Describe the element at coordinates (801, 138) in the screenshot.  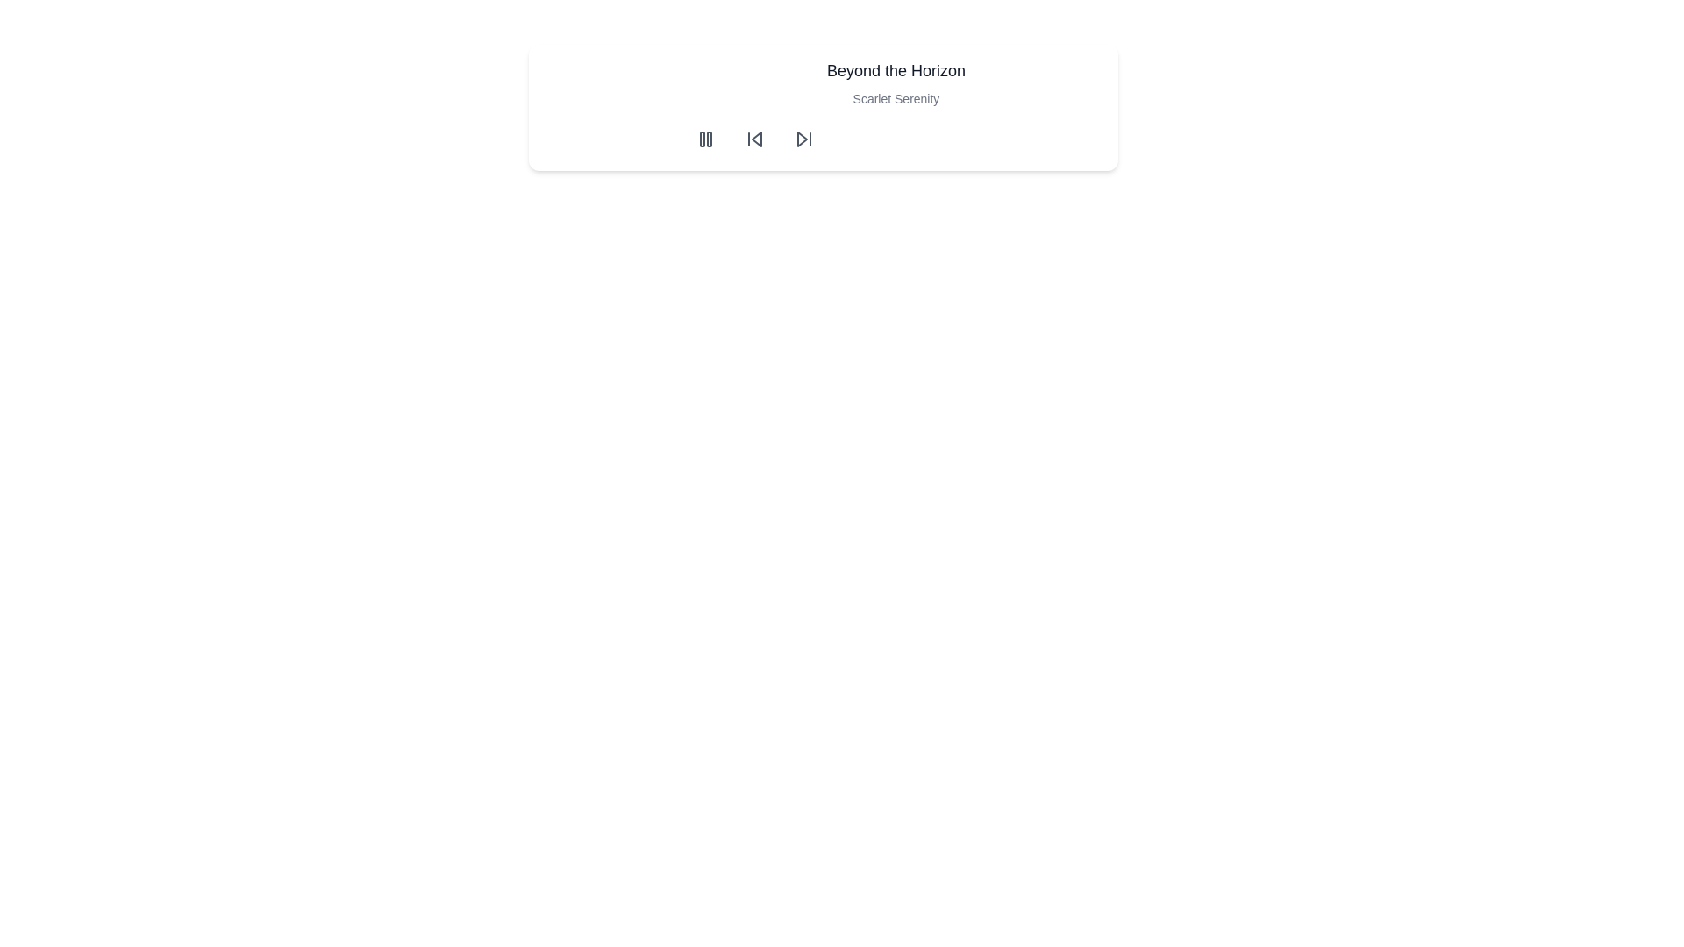
I see `the triangular play-forward icon located in the toolbar area to skip forward` at that location.